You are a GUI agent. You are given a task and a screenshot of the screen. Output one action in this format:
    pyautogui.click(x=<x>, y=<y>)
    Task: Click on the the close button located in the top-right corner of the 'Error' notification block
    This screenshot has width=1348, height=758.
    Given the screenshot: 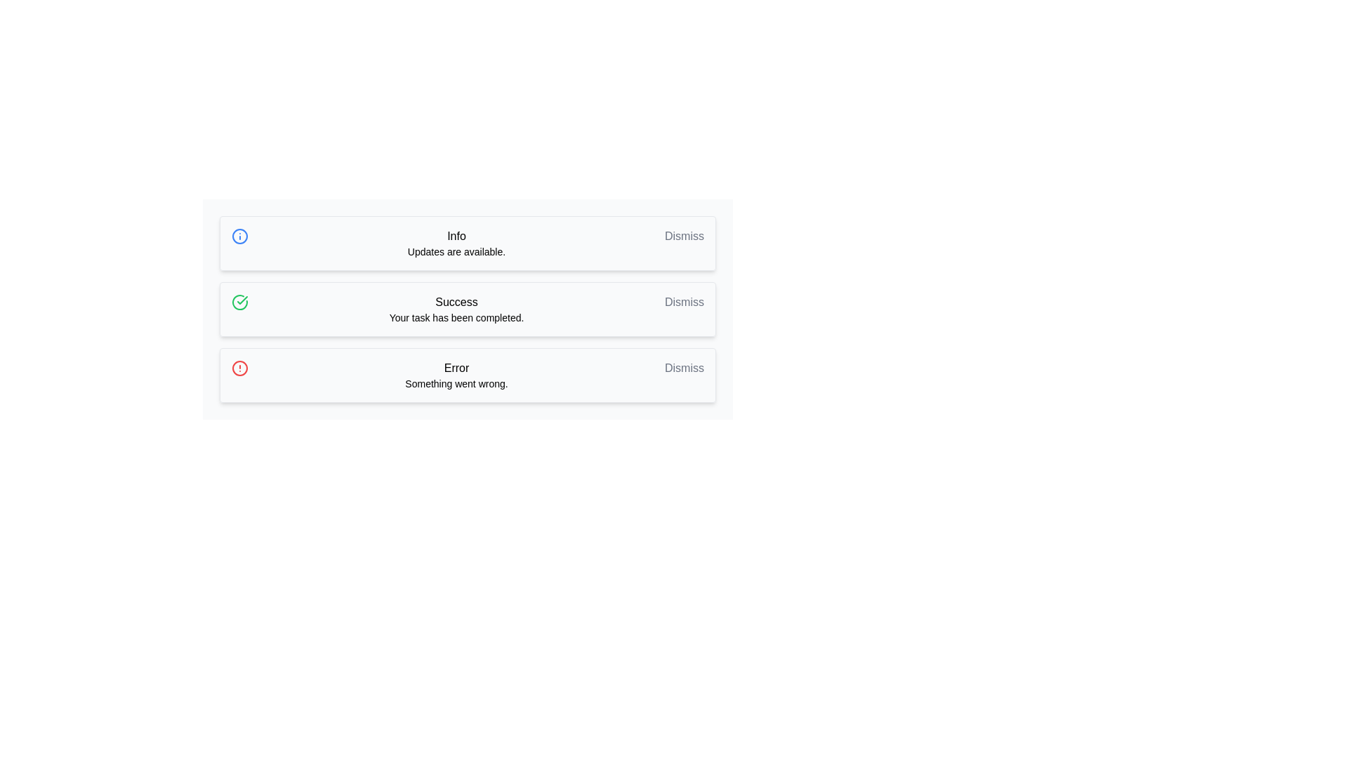 What is the action you would take?
    pyautogui.click(x=684, y=367)
    